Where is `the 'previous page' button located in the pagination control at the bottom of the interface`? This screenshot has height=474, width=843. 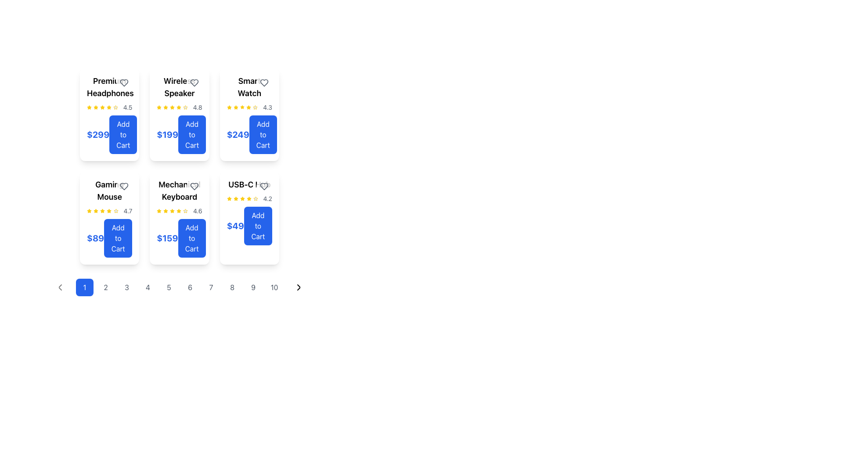
the 'previous page' button located in the pagination control at the bottom of the interface is located at coordinates (60, 287).